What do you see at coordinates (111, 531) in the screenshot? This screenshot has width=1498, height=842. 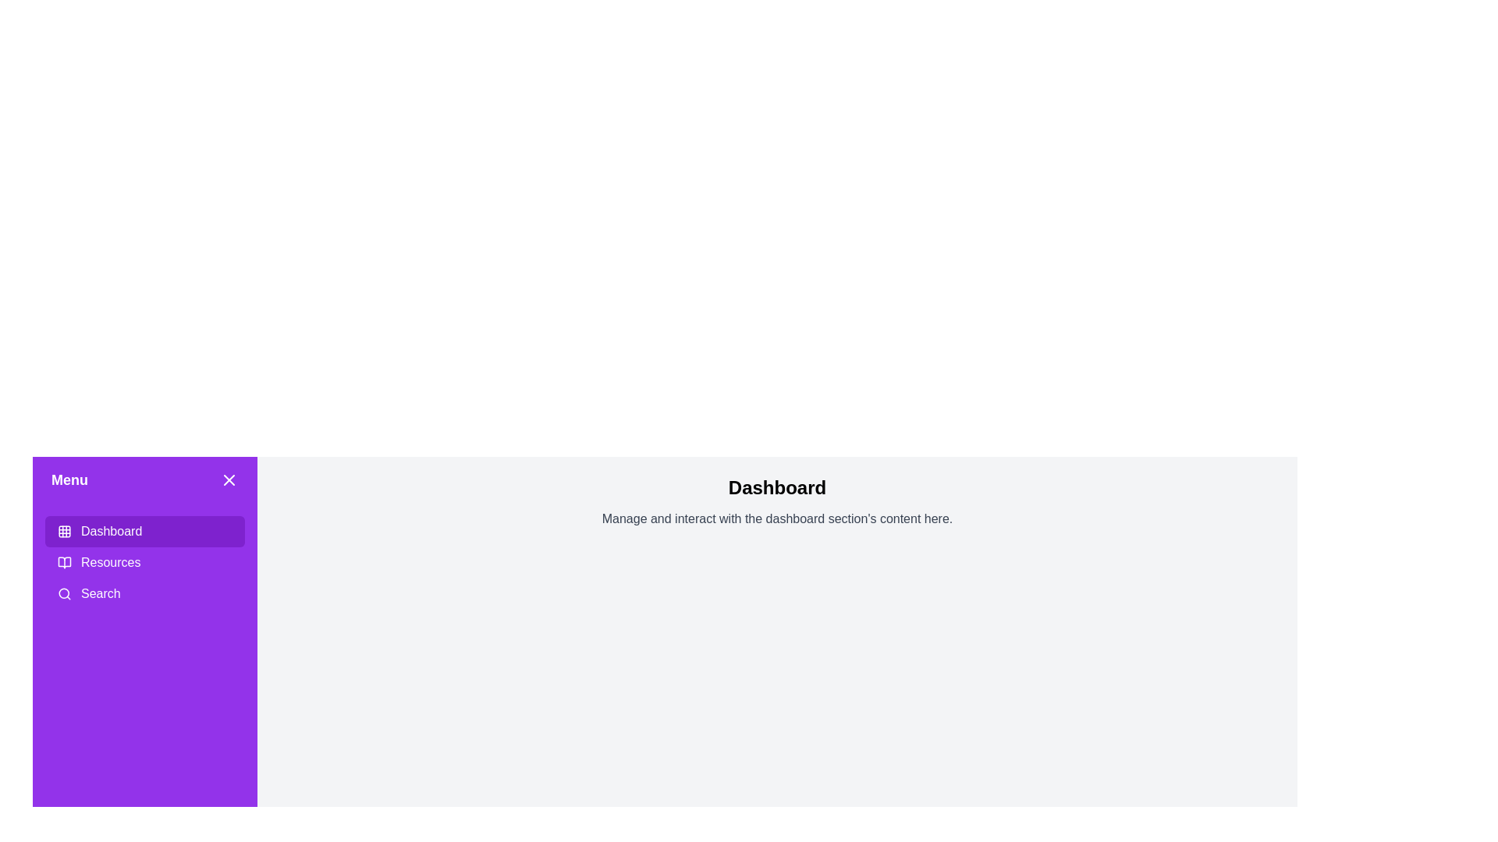 I see `the 'Dashboard' text label located next to the grid icon in the first navigation item of the left menu` at bounding box center [111, 531].